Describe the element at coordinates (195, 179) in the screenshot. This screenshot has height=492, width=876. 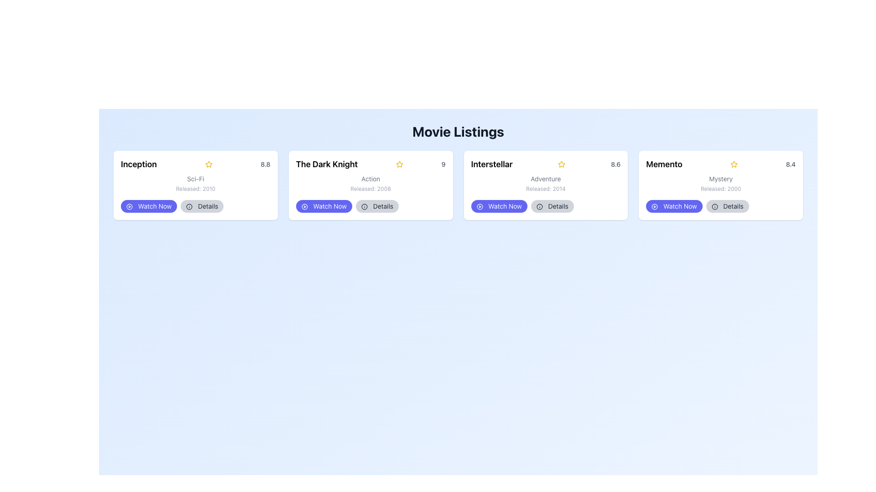
I see `the text label displaying the genre of the movie 'Inception', which is centrally positioned below the rating '8.8' and above the release year '2010'` at that location.